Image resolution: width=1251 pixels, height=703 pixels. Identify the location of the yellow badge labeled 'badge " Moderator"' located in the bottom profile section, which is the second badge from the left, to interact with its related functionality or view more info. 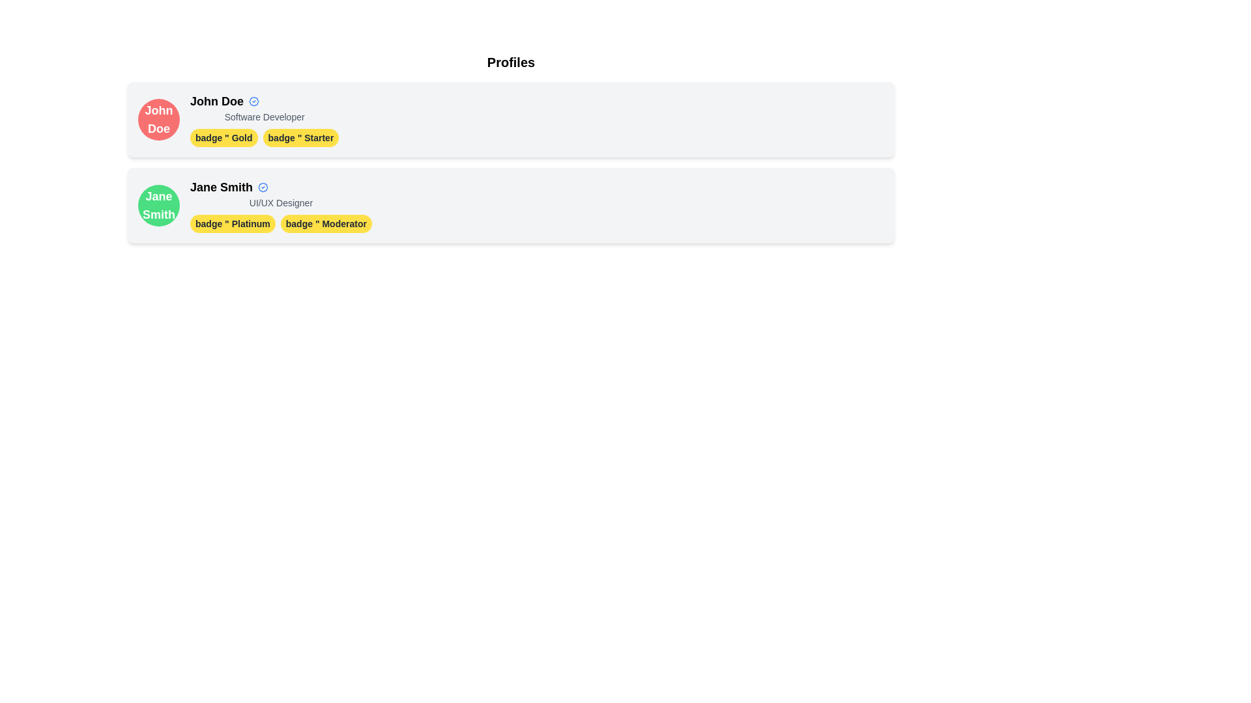
(326, 223).